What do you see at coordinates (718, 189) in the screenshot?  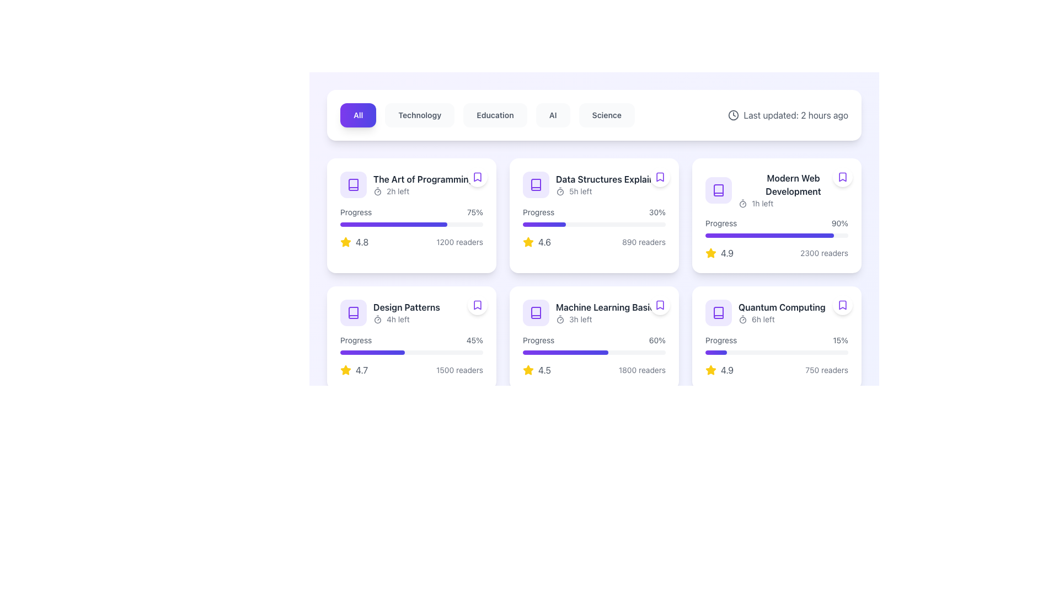 I see `the card that contains the book icon, located in the top-right of the second row under 'Modern Web Development'` at bounding box center [718, 189].